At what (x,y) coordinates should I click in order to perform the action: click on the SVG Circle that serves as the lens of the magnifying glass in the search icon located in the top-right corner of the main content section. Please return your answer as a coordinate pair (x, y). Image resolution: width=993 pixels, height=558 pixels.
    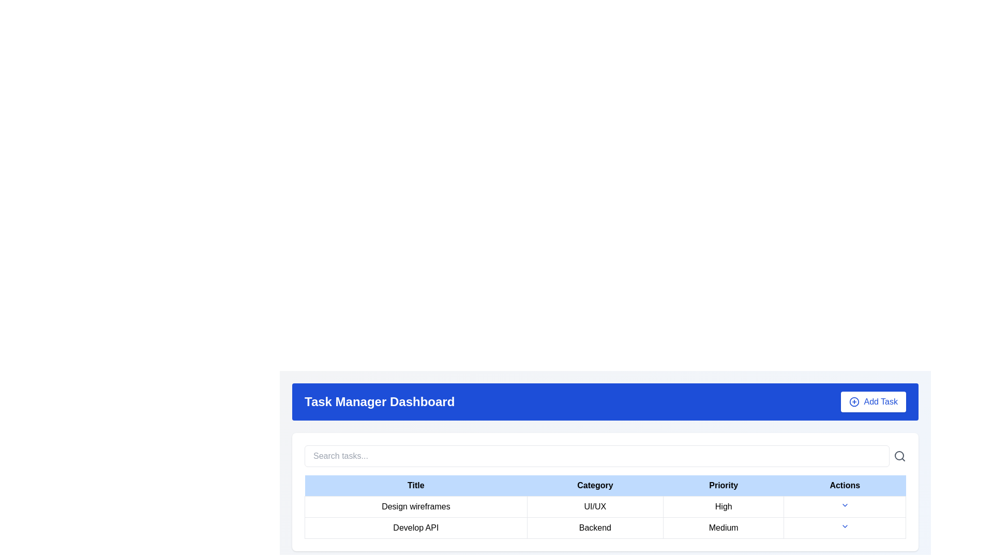
    Looking at the image, I should click on (898, 455).